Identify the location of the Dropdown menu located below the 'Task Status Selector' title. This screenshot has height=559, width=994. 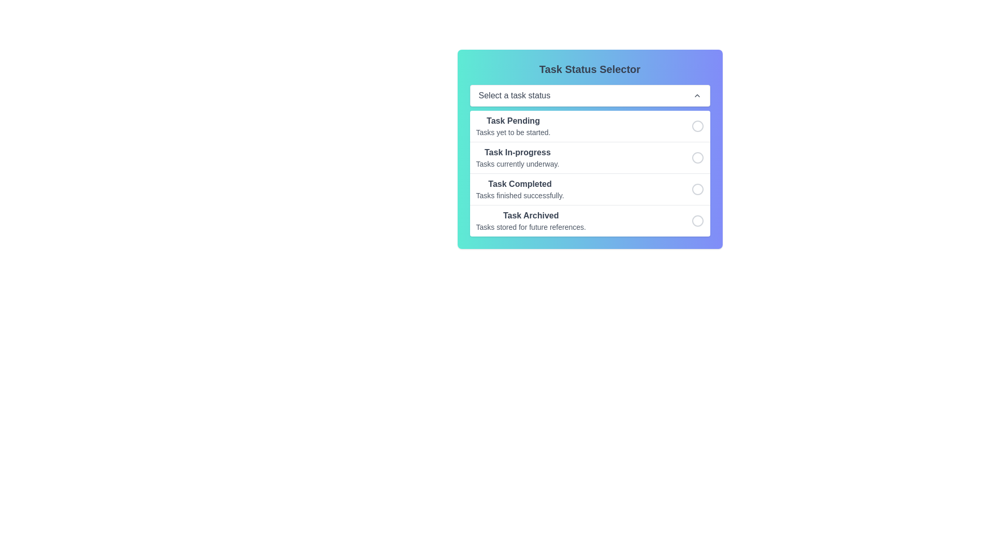
(590, 96).